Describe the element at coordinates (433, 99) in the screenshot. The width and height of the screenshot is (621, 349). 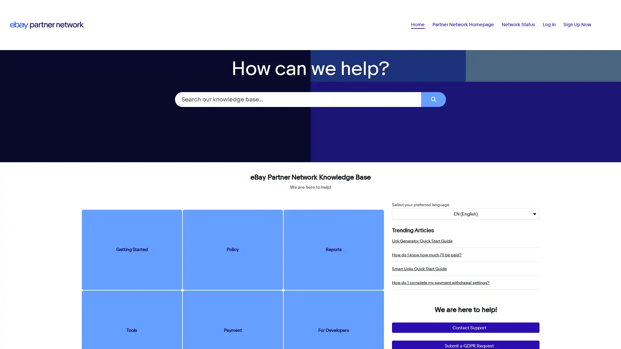
I see `Search` at that location.